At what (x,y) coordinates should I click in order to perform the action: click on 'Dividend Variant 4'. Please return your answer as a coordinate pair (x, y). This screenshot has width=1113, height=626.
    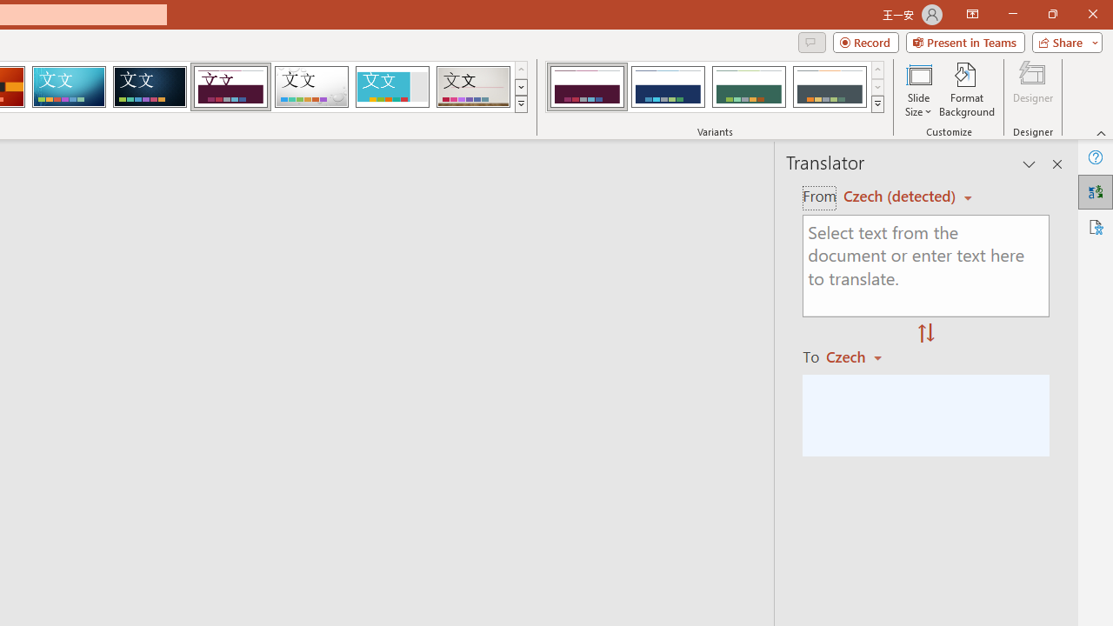
    Looking at the image, I should click on (829, 87).